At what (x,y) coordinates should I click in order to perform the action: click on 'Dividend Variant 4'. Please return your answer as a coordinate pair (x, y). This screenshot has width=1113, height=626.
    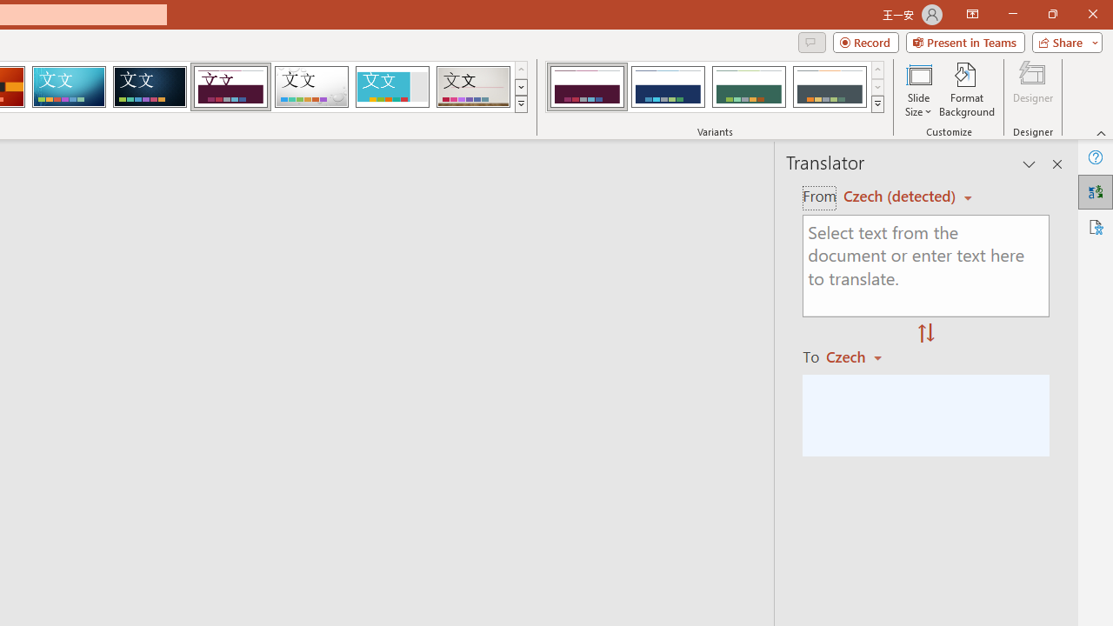
    Looking at the image, I should click on (829, 87).